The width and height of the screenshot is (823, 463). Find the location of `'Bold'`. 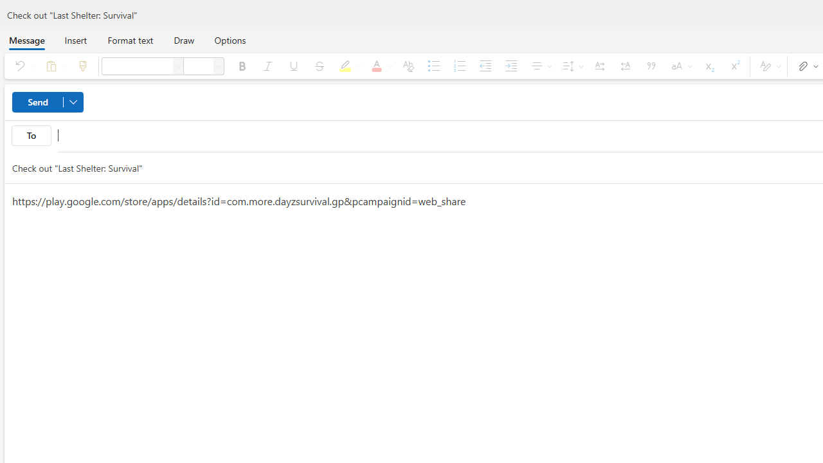

'Bold' is located at coordinates (242, 66).